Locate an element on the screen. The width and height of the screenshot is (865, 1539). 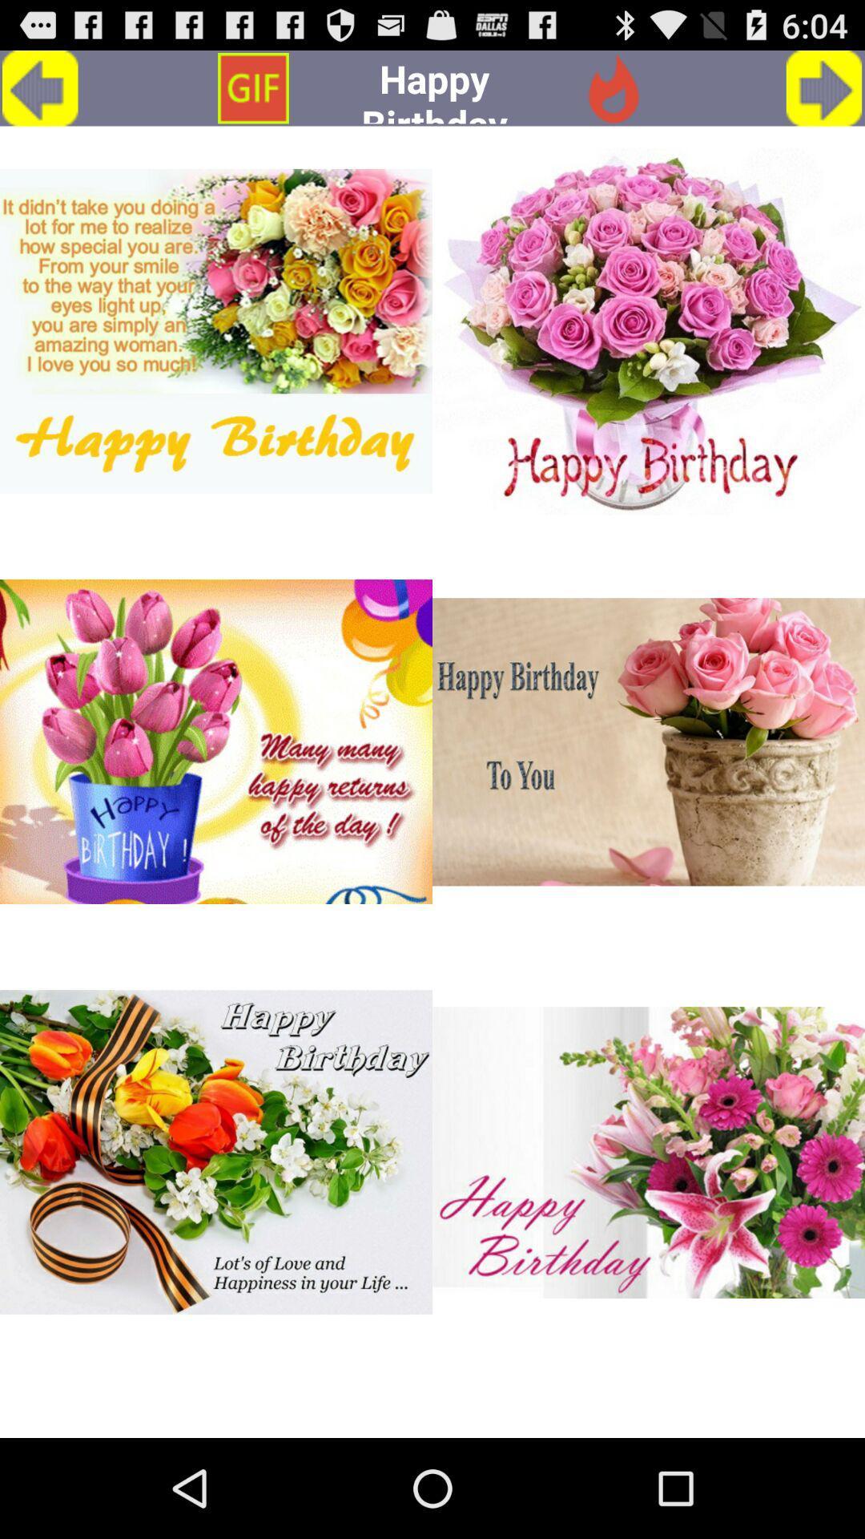
many many happy returns of the day is located at coordinates (216, 741).